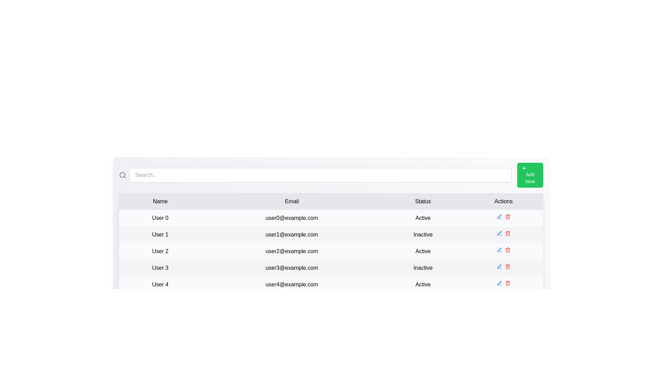 The image size is (666, 374). What do you see at coordinates (499, 283) in the screenshot?
I see `the edit icon for the row corresponding to User 4` at bounding box center [499, 283].